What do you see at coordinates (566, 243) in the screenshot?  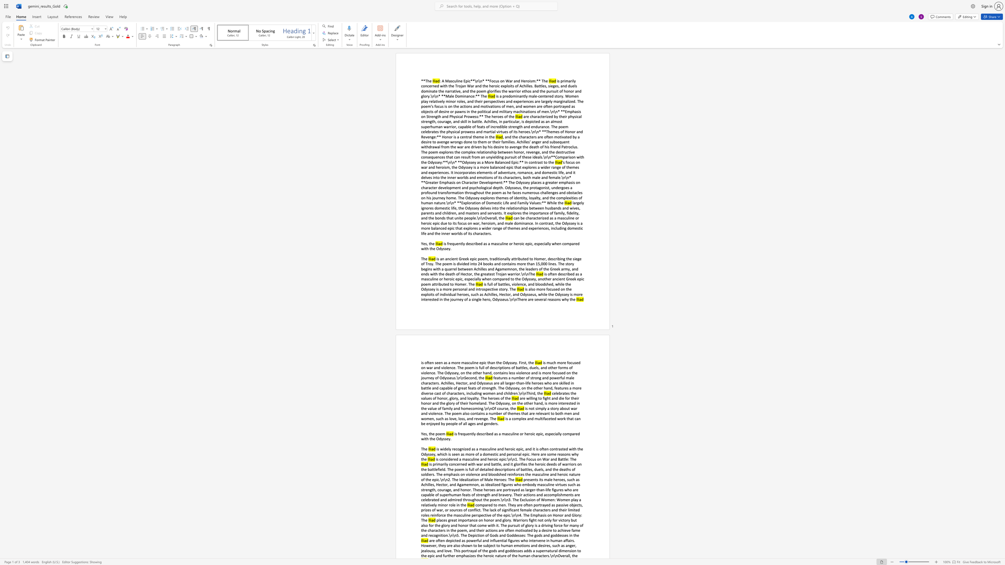 I see `the subset text "mpared" within the text "is frequently described as a masculine or heroic epic, especially when compared with the Odyssey."` at bounding box center [566, 243].